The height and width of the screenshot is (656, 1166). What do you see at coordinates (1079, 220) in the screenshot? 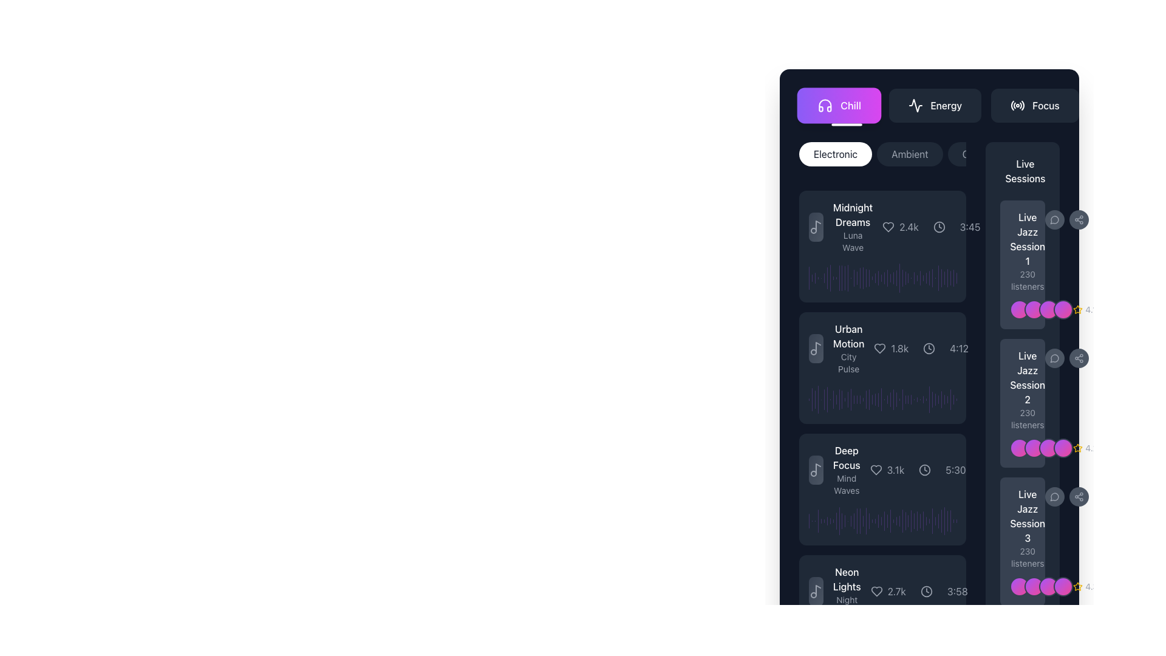
I see `the share icon, which is represented by three connected dots forming a triangular network, located in the bottom-right corner of the context, directly below the magnifying glass icon and above the shaded rating star symbol, to share the content` at bounding box center [1079, 220].